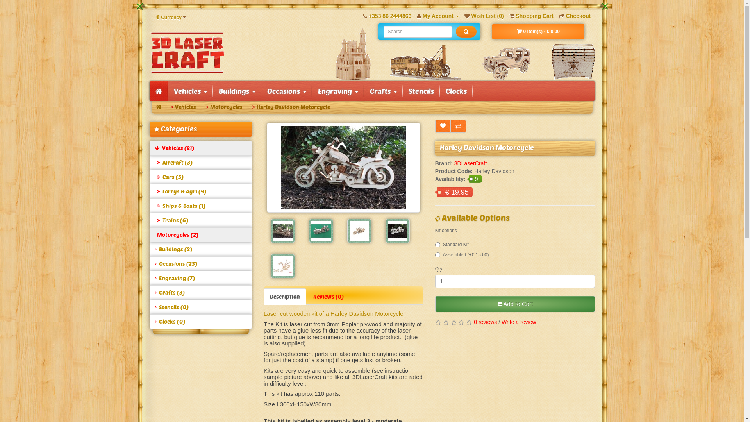  Describe the element at coordinates (200, 177) in the screenshot. I see `'    Cars (5)'` at that location.